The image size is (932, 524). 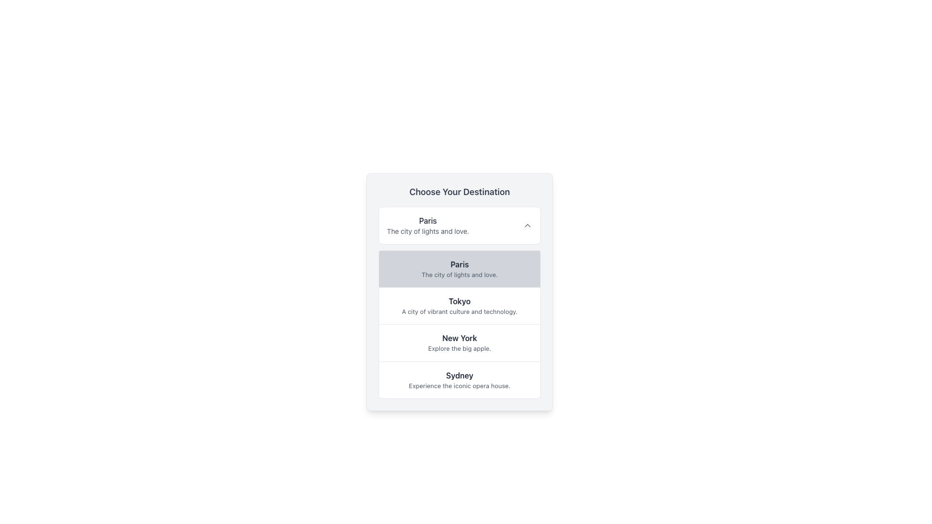 What do you see at coordinates (527, 226) in the screenshot?
I see `the toggle icon located inside the right side of the white box labeled 'Paris: The city of lights and love.'` at bounding box center [527, 226].